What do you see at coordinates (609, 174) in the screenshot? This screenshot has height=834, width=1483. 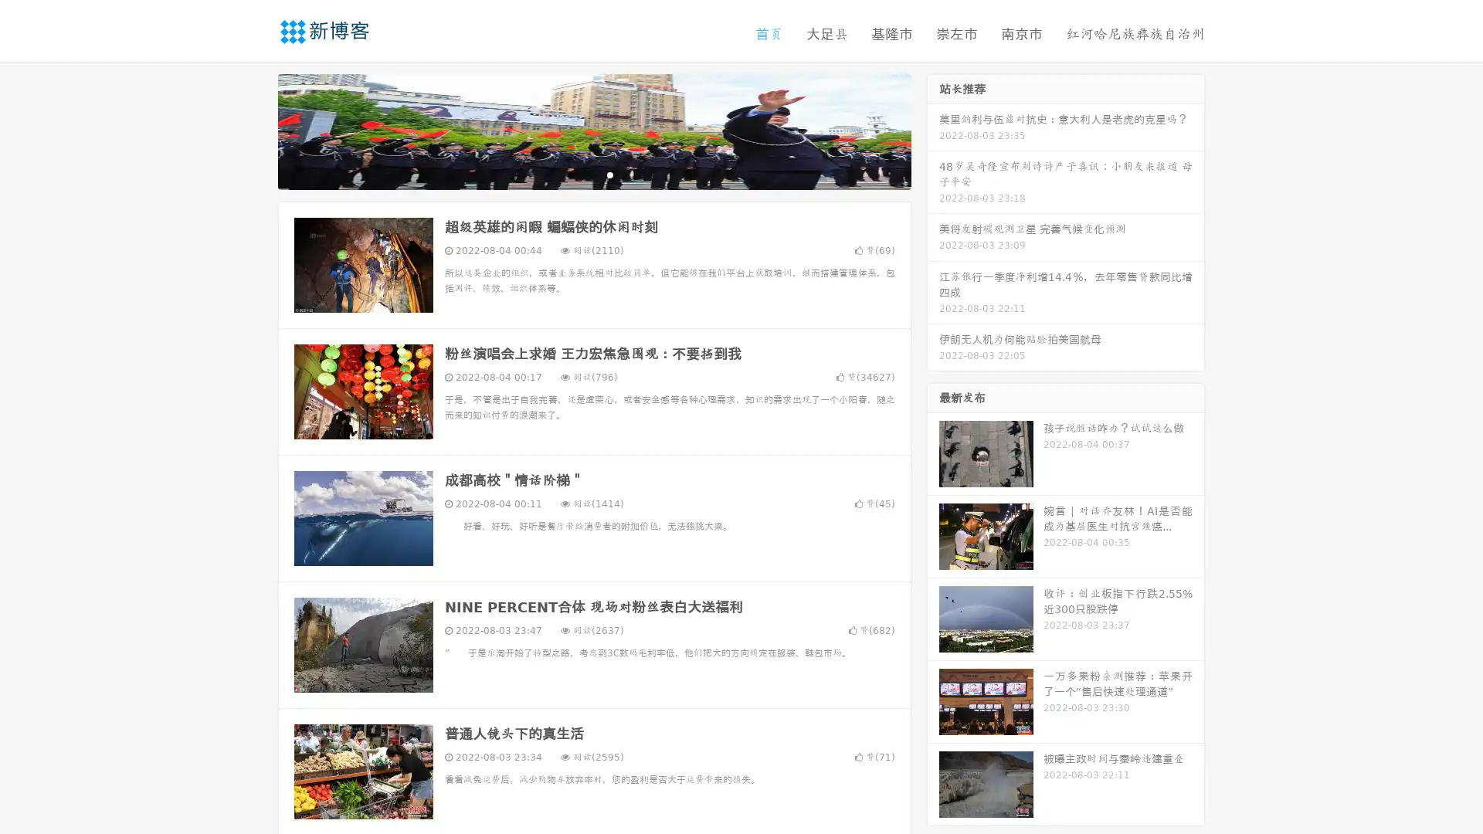 I see `Go to slide 3` at bounding box center [609, 174].